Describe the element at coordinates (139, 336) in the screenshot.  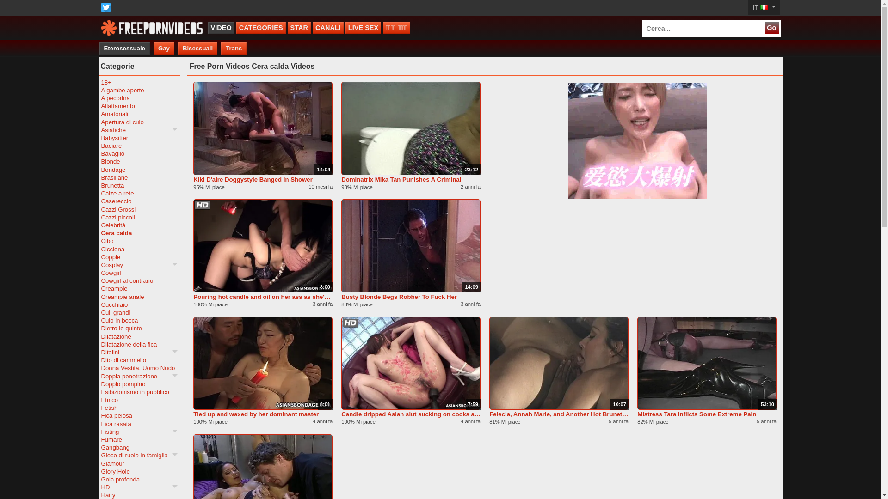
I see `'Dilatazione'` at that location.